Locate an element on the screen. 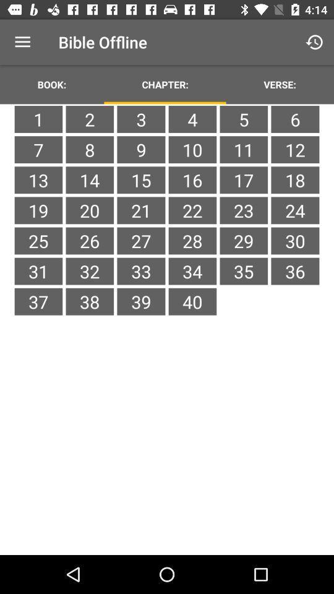  item to the right of 8 item is located at coordinates (140, 179).